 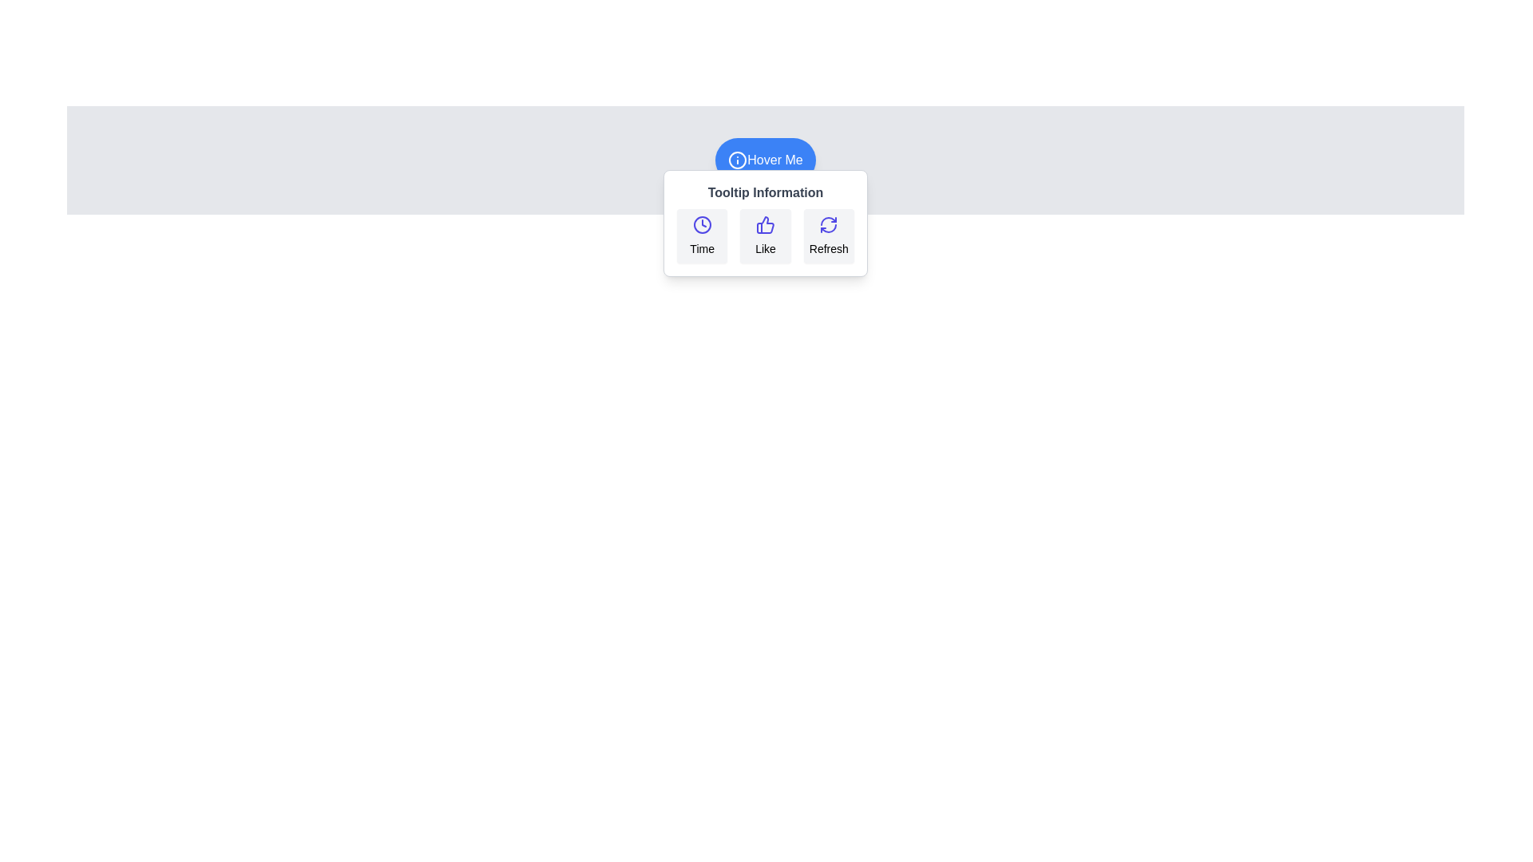 What do you see at coordinates (702, 224) in the screenshot?
I see `the area of the SVG Circle that represents the boundary of the clock icon in the tooltip` at bounding box center [702, 224].